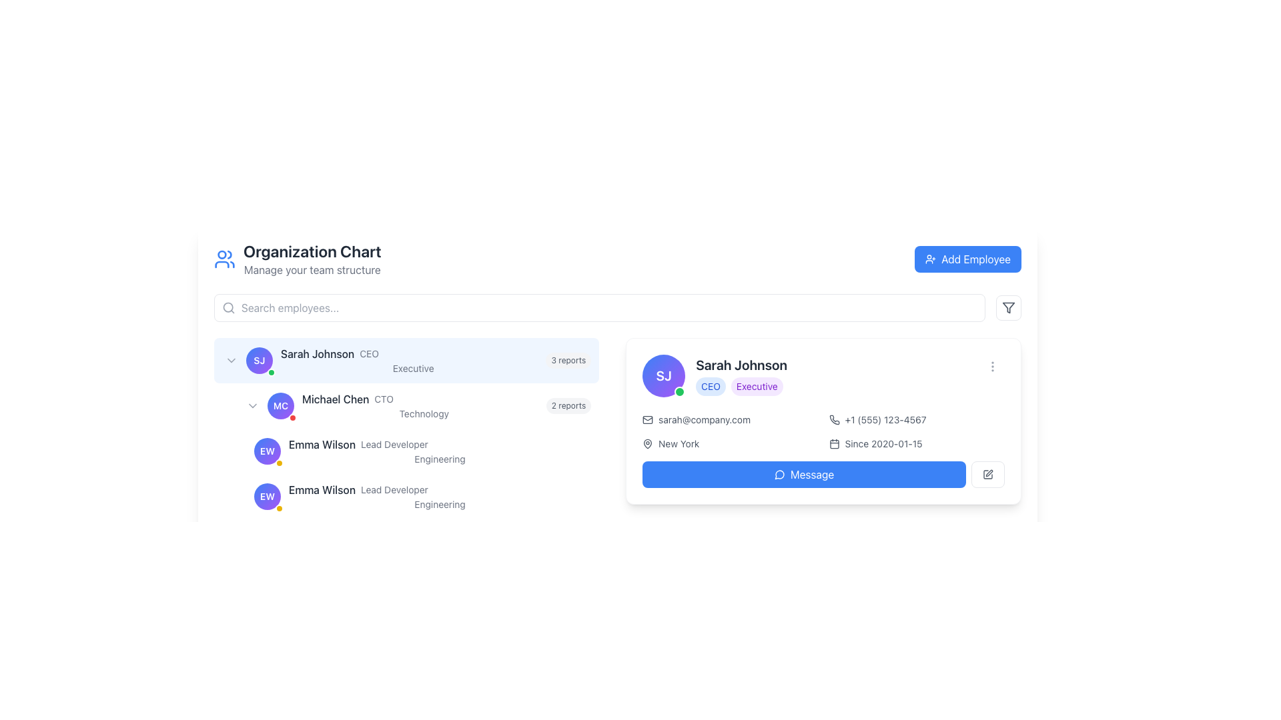  Describe the element at coordinates (568, 405) in the screenshot. I see `the informational badge indicating the number of reports associated with 'Michael Chen CTO', located to the right of the 'Technology' label` at that location.